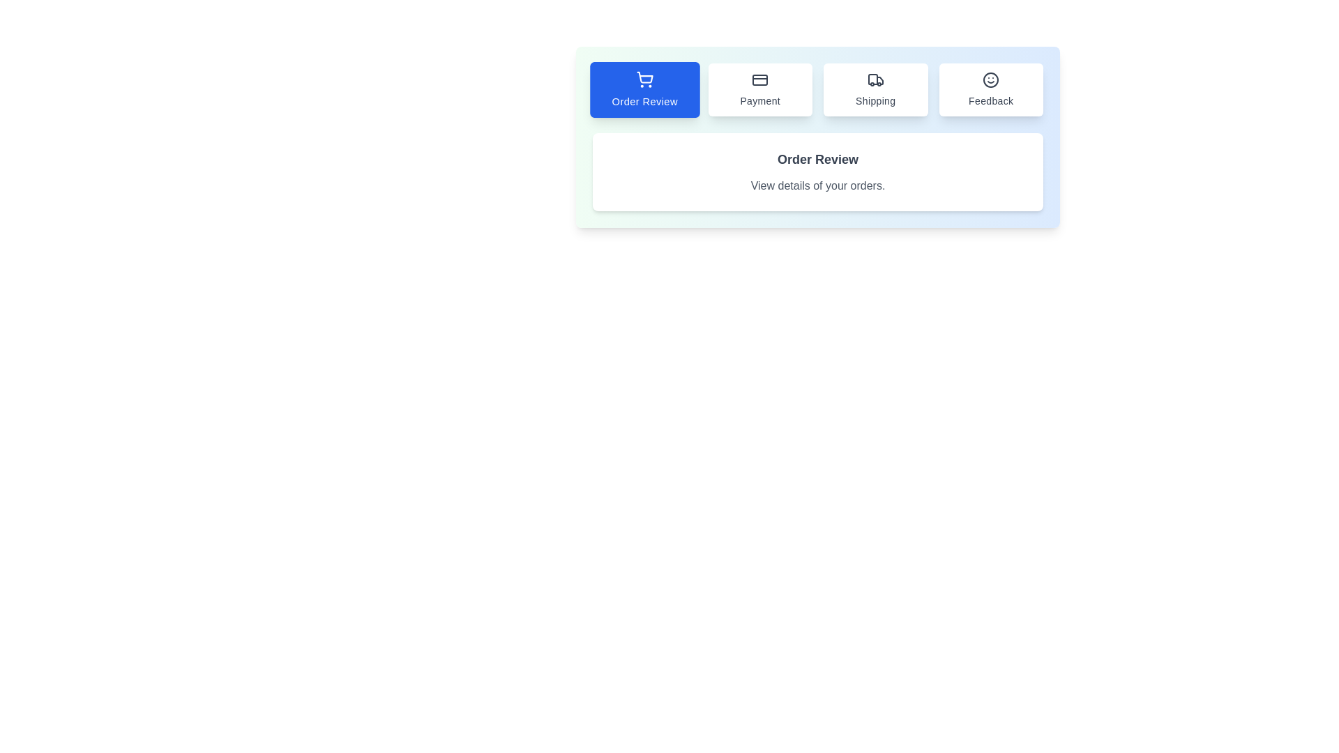  What do you see at coordinates (990, 80) in the screenshot?
I see `visual enhancement icon located at the center of the Feedback button, which is the fourth button in the top row of the interface tabs` at bounding box center [990, 80].